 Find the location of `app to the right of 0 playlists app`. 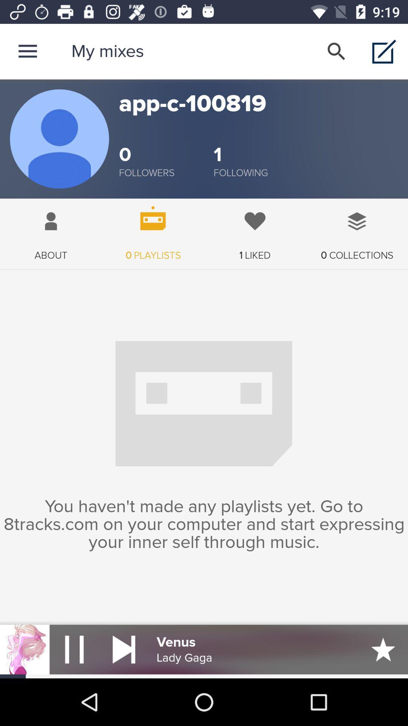

app to the right of 0 playlists app is located at coordinates (255, 230).